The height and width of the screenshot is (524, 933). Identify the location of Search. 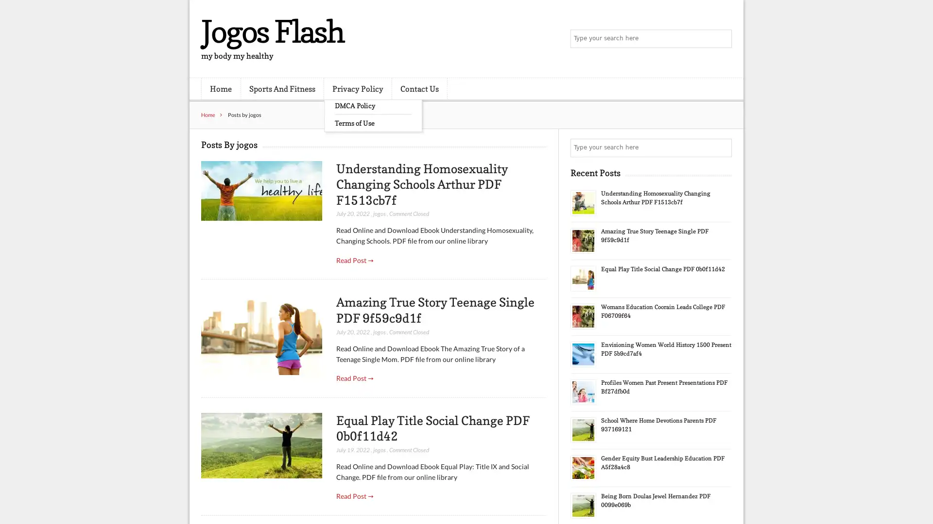
(722, 147).